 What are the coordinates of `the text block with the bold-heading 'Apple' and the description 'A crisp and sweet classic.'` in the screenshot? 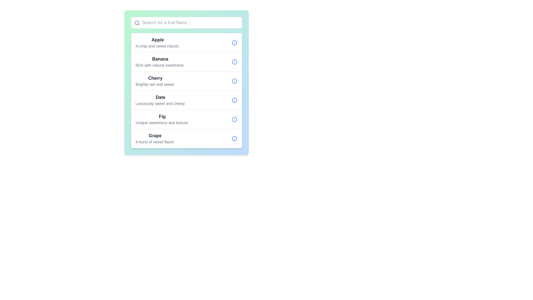 It's located at (157, 42).